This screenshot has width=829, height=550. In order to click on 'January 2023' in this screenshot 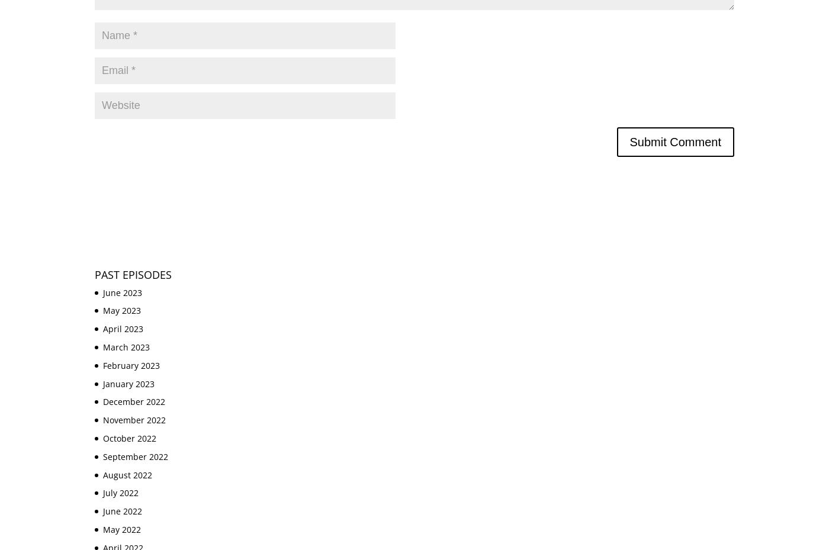, I will do `click(128, 382)`.